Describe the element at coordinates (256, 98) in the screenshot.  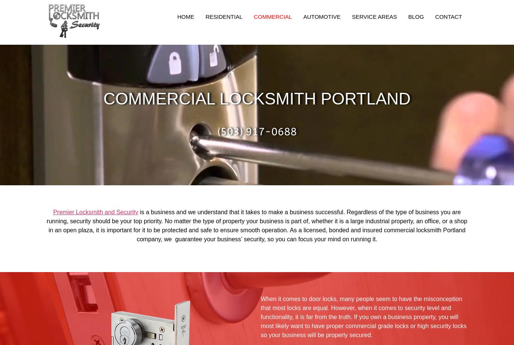
I see `'Commercial Locksmith Portland'` at that location.